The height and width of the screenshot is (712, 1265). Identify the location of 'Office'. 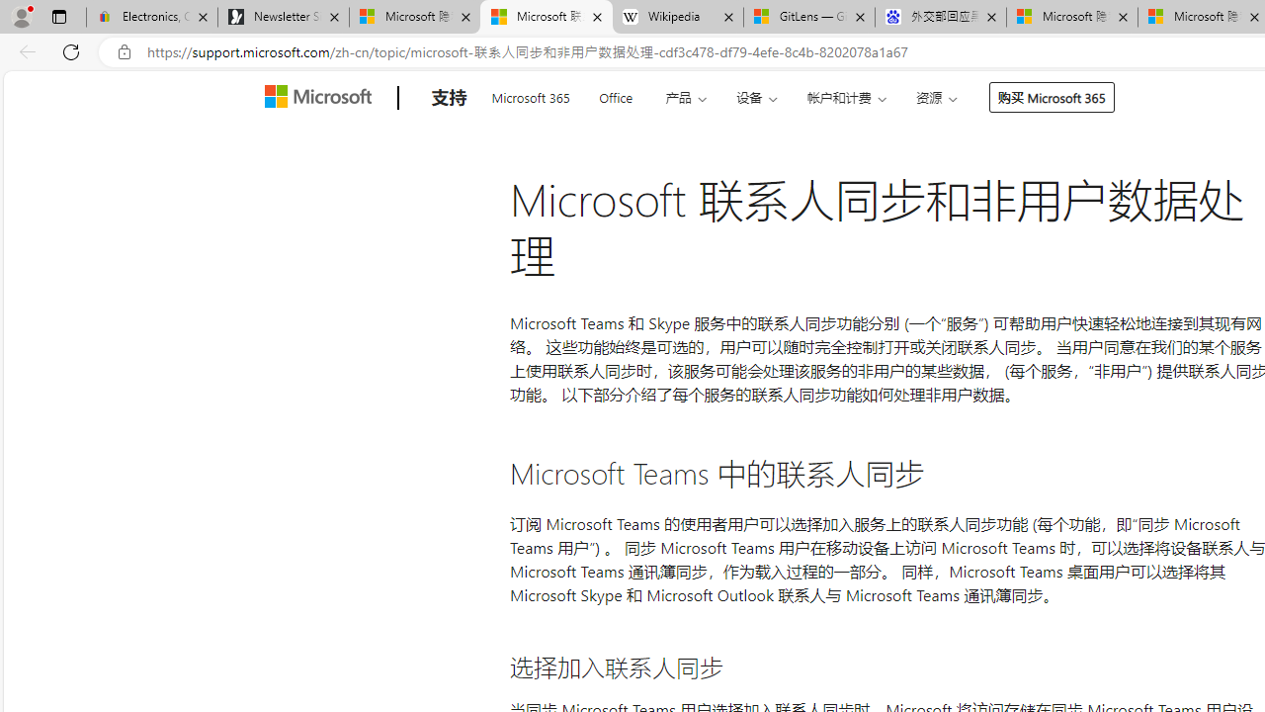
(615, 95).